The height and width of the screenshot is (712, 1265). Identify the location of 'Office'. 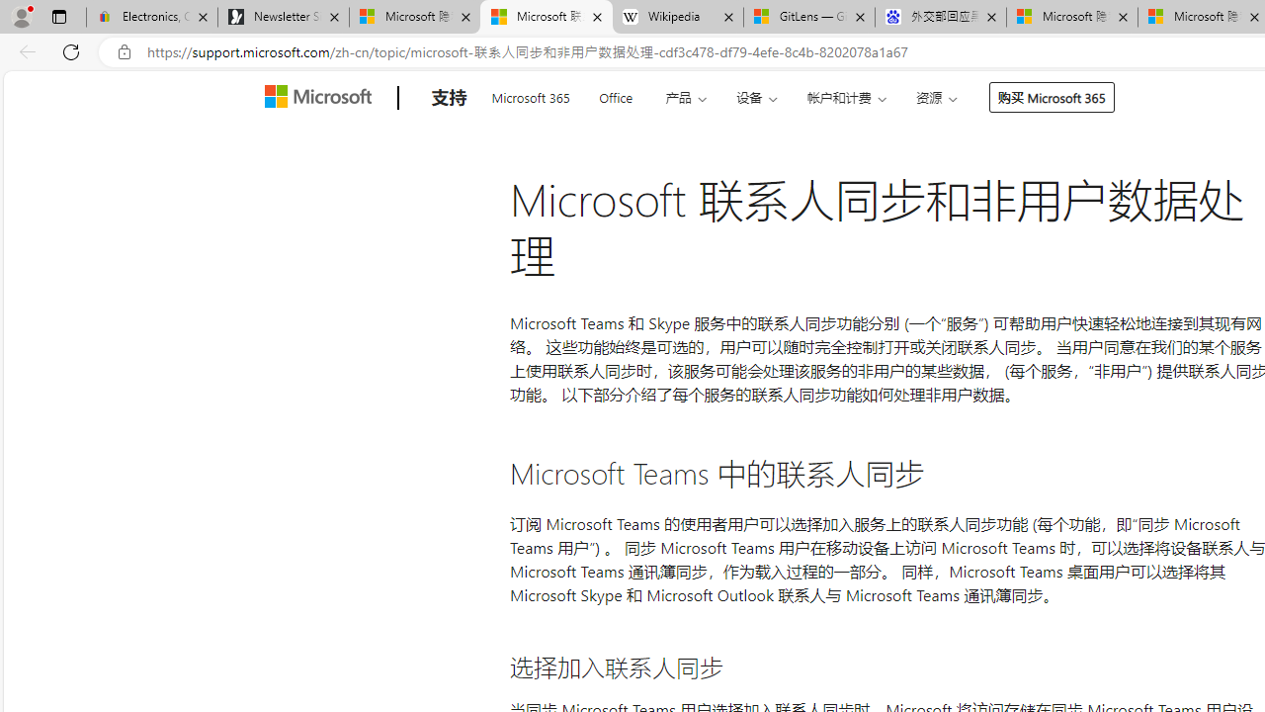
(615, 95).